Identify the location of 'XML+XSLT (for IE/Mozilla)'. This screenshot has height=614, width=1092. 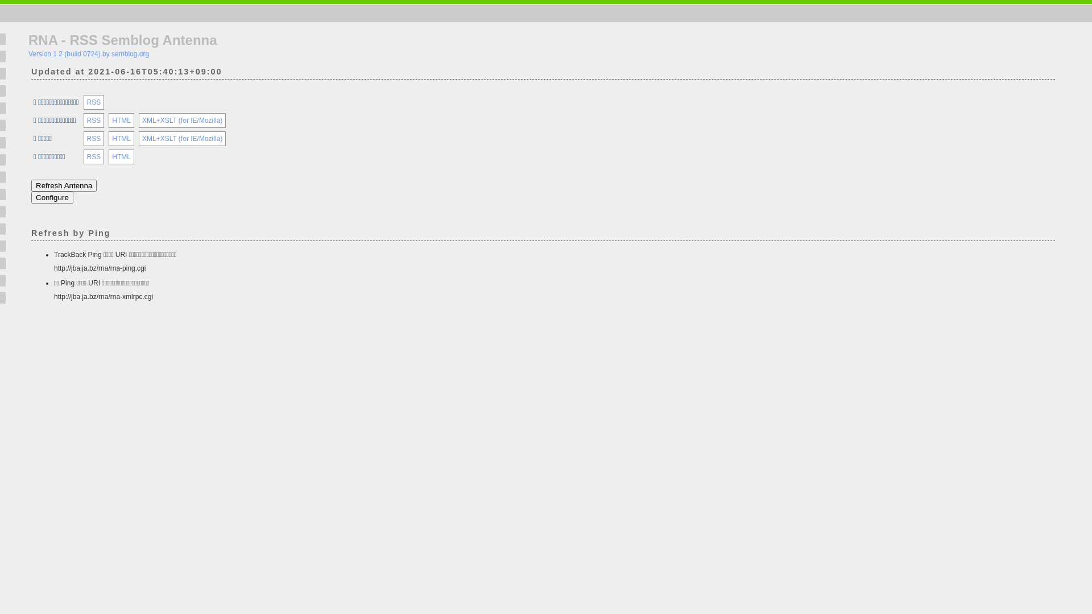
(182, 138).